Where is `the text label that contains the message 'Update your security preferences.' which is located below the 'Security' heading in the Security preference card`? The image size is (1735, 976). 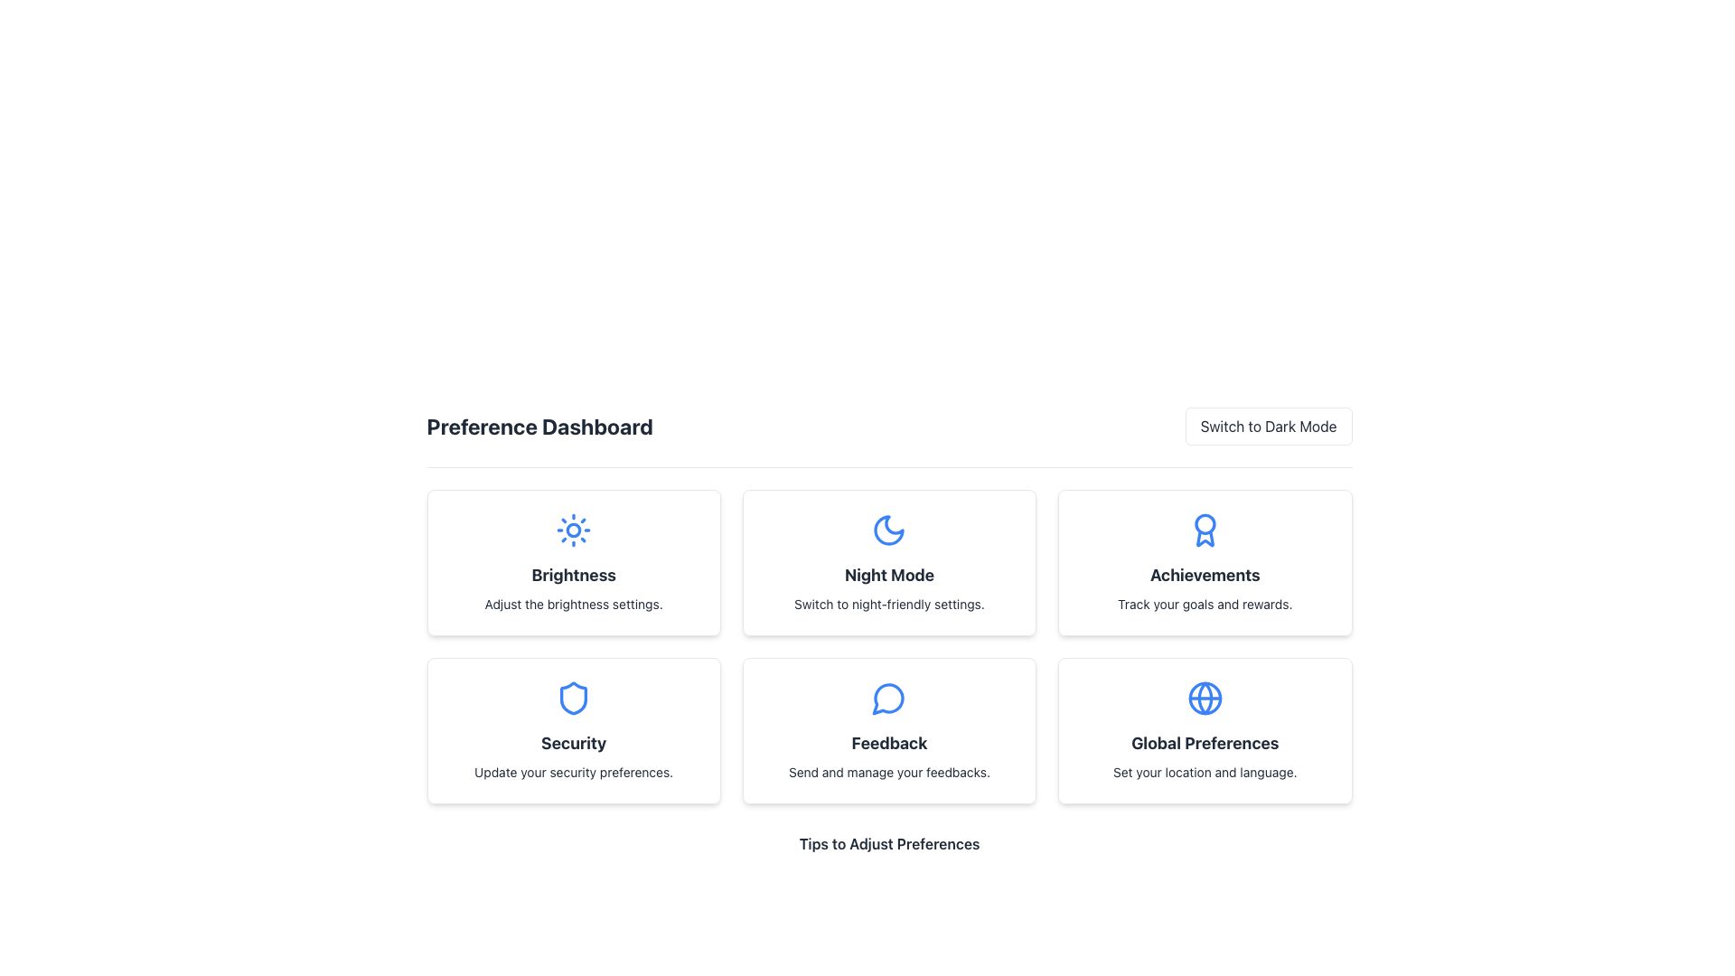 the text label that contains the message 'Update your security preferences.' which is located below the 'Security' heading in the Security preference card is located at coordinates (573, 773).